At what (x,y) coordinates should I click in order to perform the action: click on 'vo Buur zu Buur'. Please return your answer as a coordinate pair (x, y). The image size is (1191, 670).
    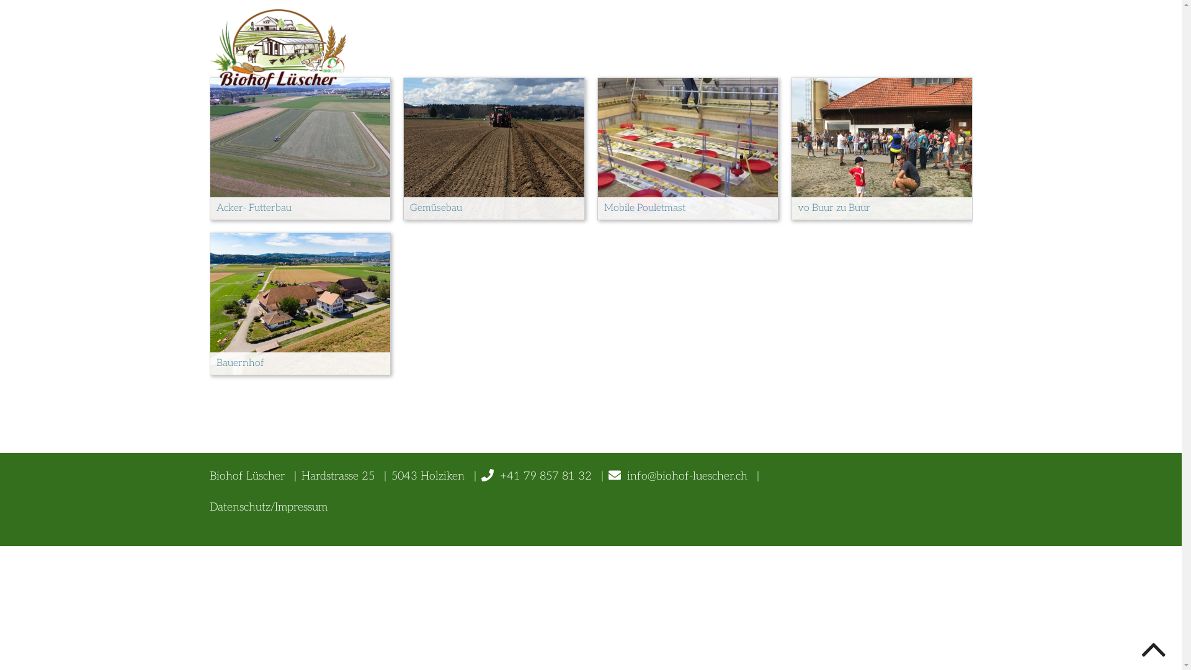
    Looking at the image, I should click on (881, 148).